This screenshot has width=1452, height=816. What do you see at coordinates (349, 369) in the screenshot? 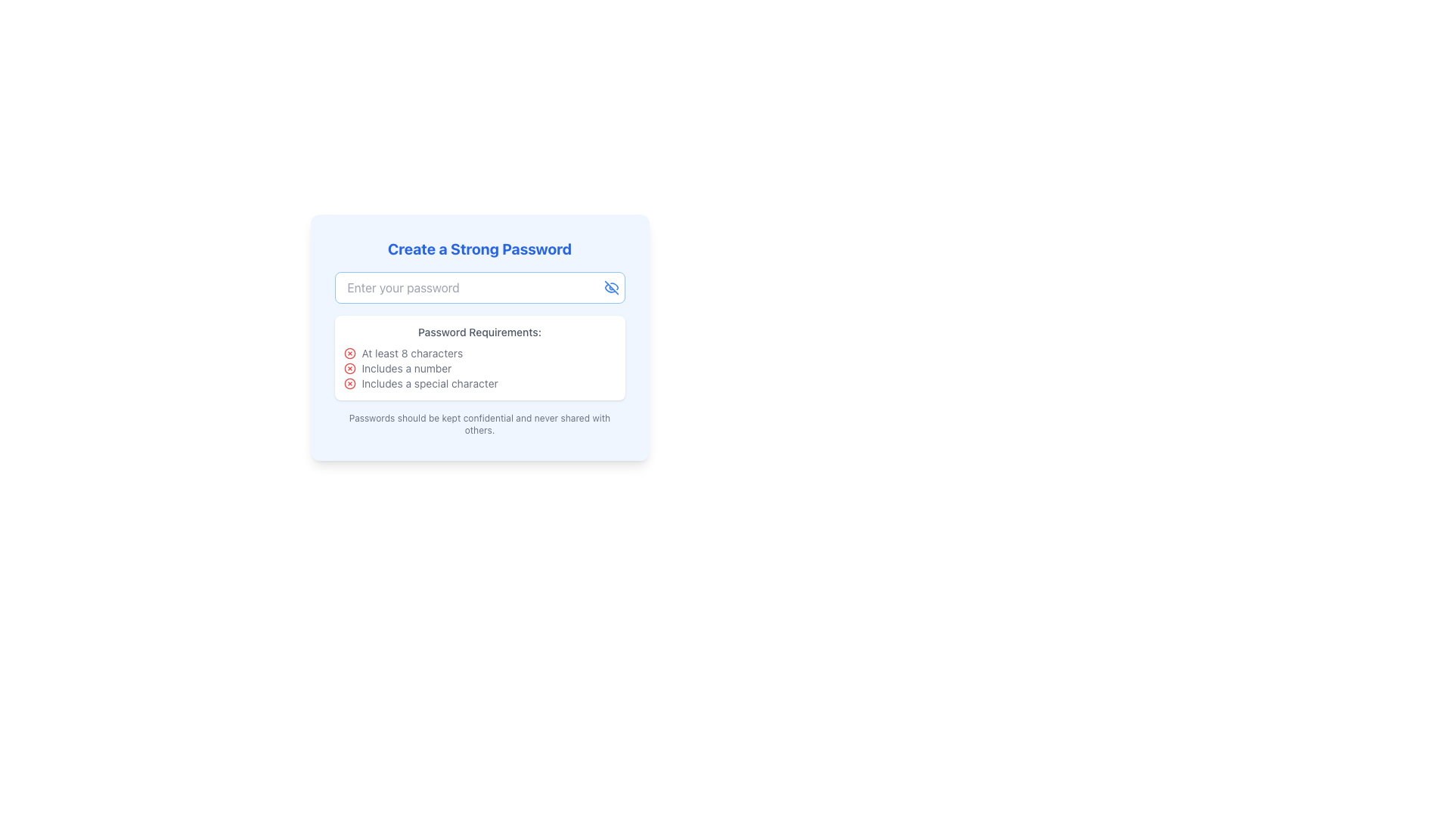
I see `the circular icon with a red border and an 'X' symbol, located in the password requirements section next to the text 'Includes a number'` at bounding box center [349, 369].